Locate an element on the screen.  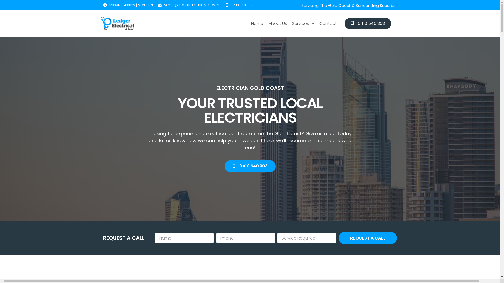
'SCOTT@LEDGERELECTRICAL.COM.AU' is located at coordinates (189, 5).